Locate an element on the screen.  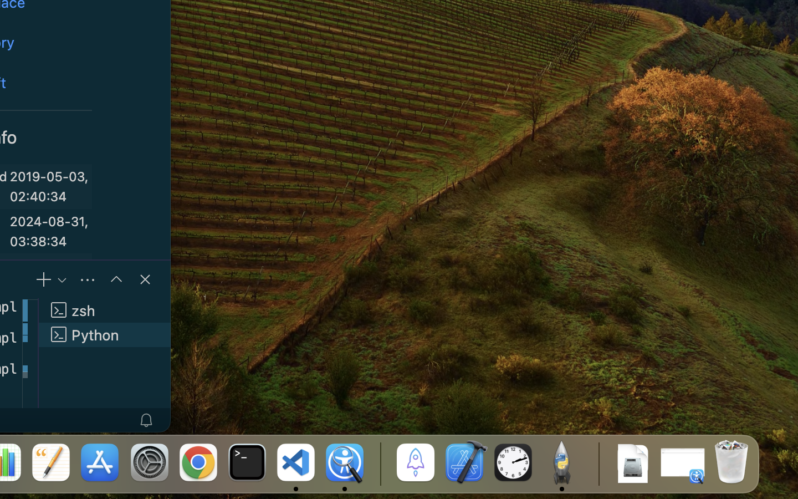
'2024-08-31, 03:38:34' is located at coordinates (49, 231).